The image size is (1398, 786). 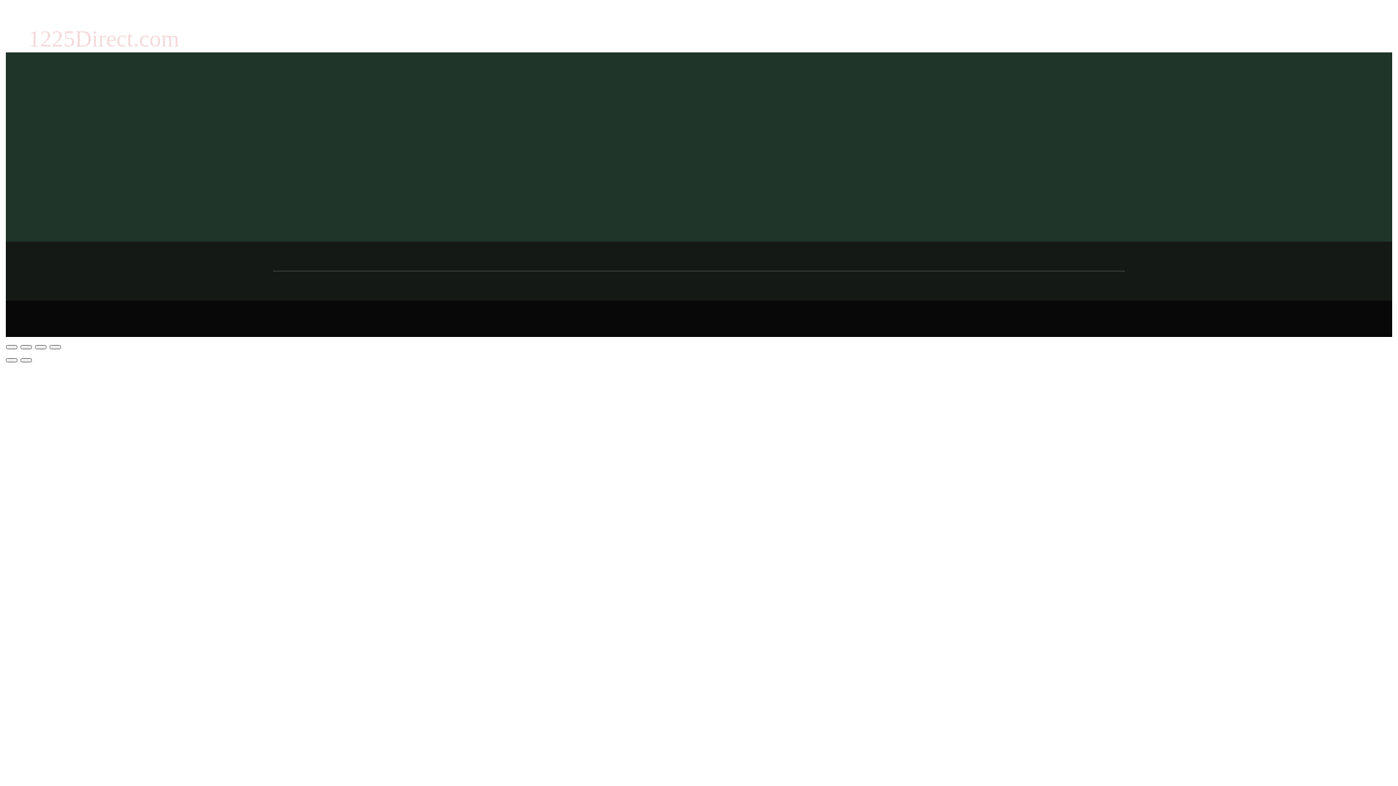 I want to click on 'Close (Esc)', so click(x=6, y=347).